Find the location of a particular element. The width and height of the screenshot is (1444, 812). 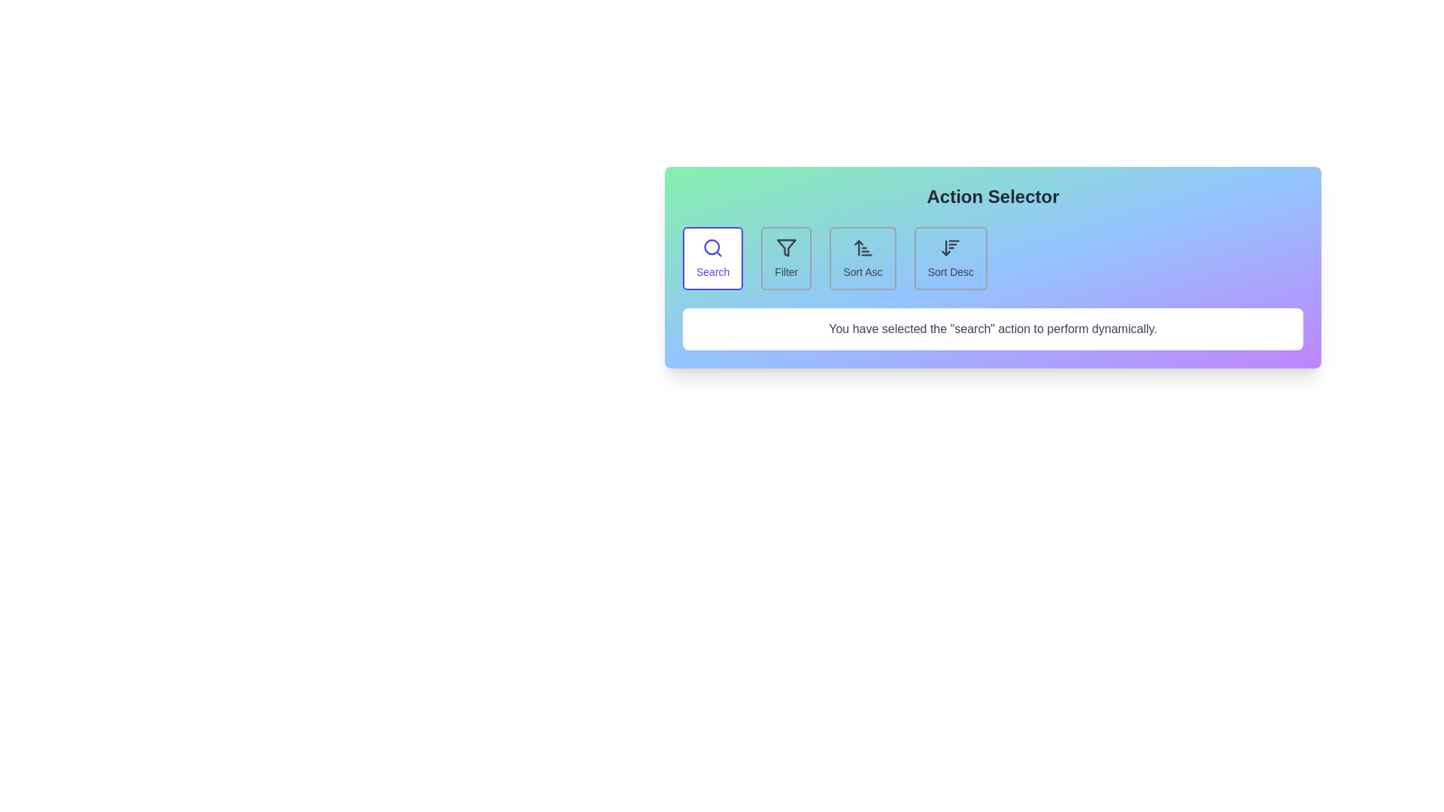

the small downward arrow icon within the 'Sort Desc' button is located at coordinates (950, 247).